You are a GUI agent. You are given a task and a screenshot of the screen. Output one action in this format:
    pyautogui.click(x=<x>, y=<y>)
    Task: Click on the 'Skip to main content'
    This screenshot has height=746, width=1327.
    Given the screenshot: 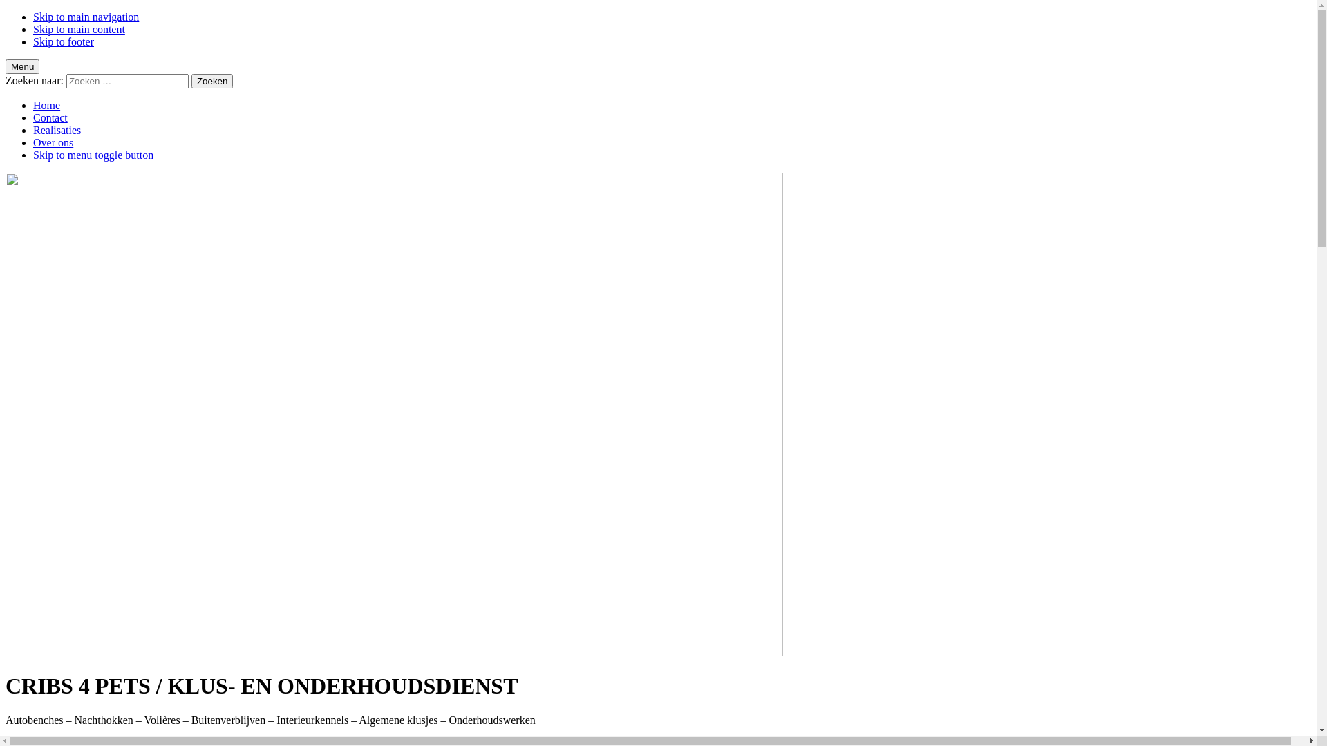 What is the action you would take?
    pyautogui.click(x=33, y=29)
    